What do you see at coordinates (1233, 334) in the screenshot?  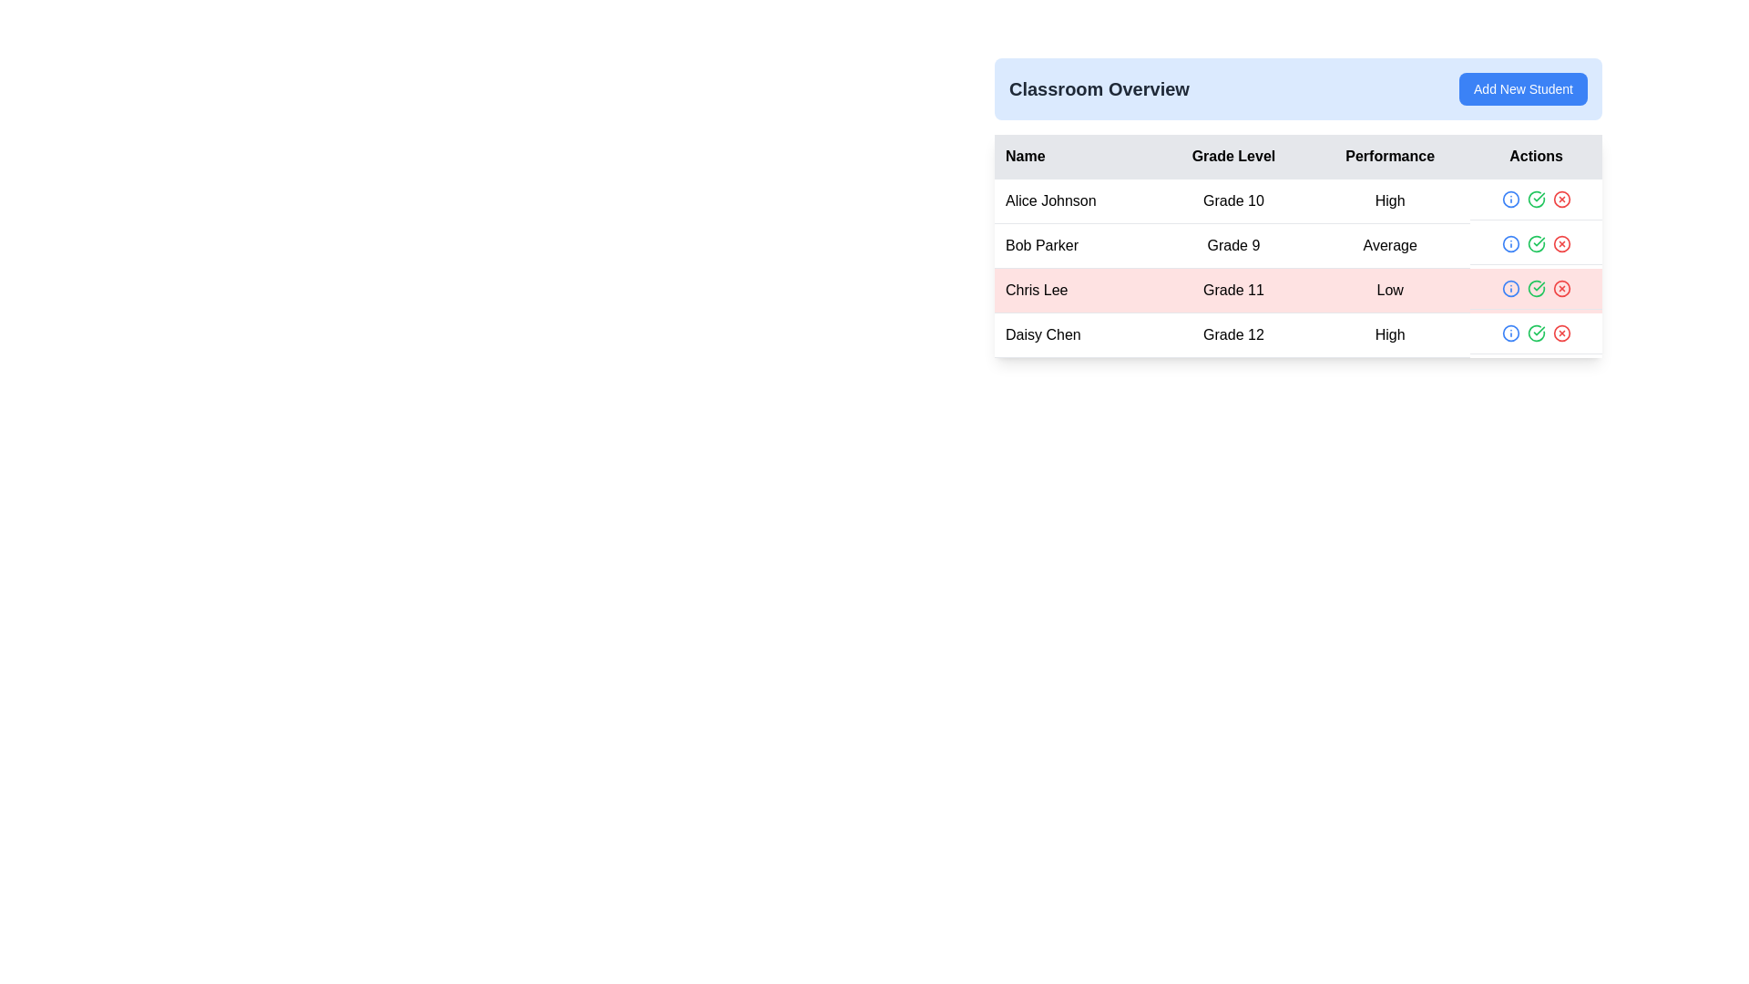 I see `the second cell in the row for 'Daisy Chen' that displays her grade level in the table, located under the 'Grade Level' column` at bounding box center [1233, 334].